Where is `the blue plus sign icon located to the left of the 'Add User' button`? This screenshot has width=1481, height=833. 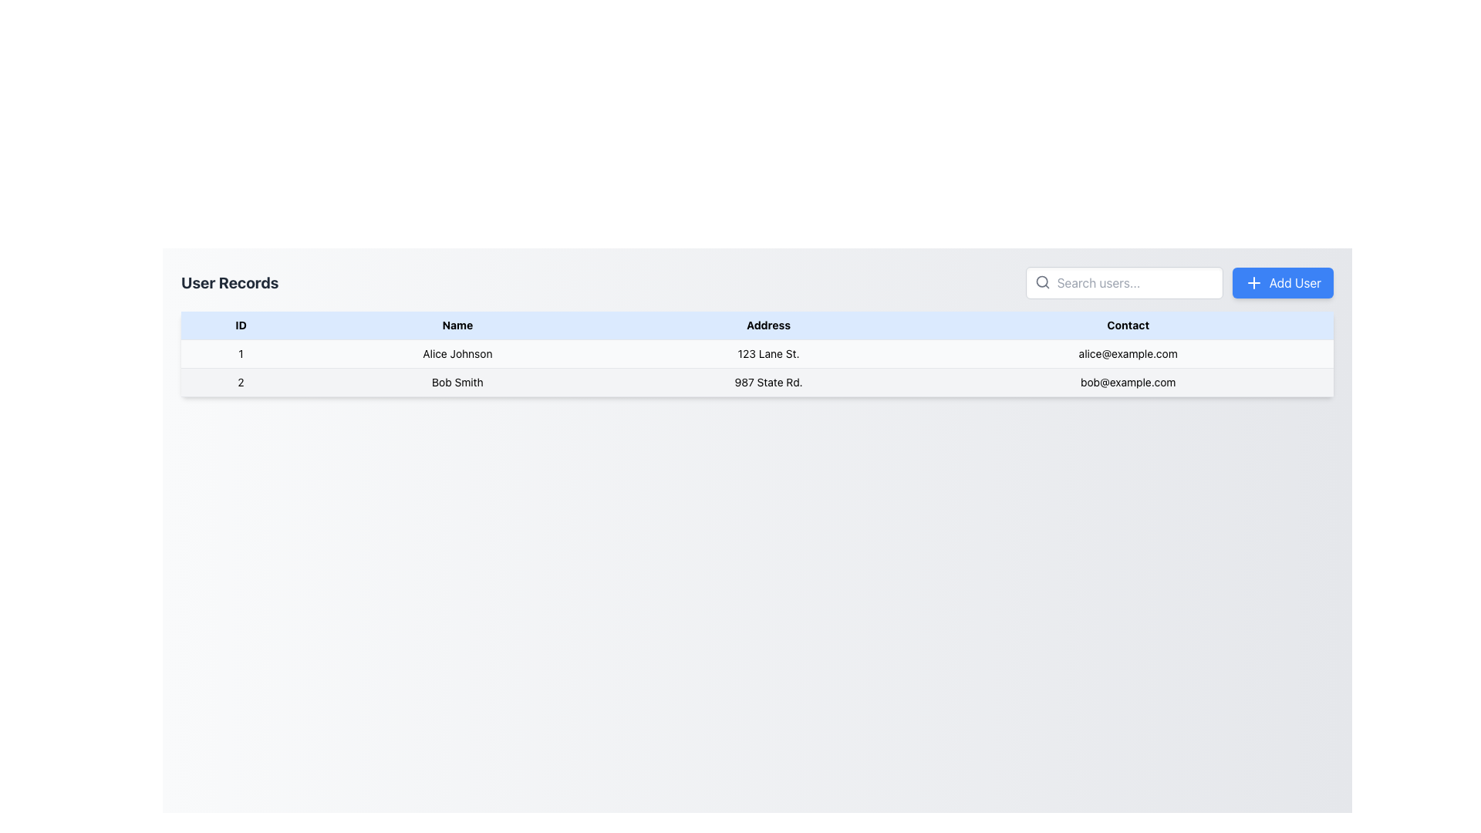
the blue plus sign icon located to the left of the 'Add User' button is located at coordinates (1253, 282).